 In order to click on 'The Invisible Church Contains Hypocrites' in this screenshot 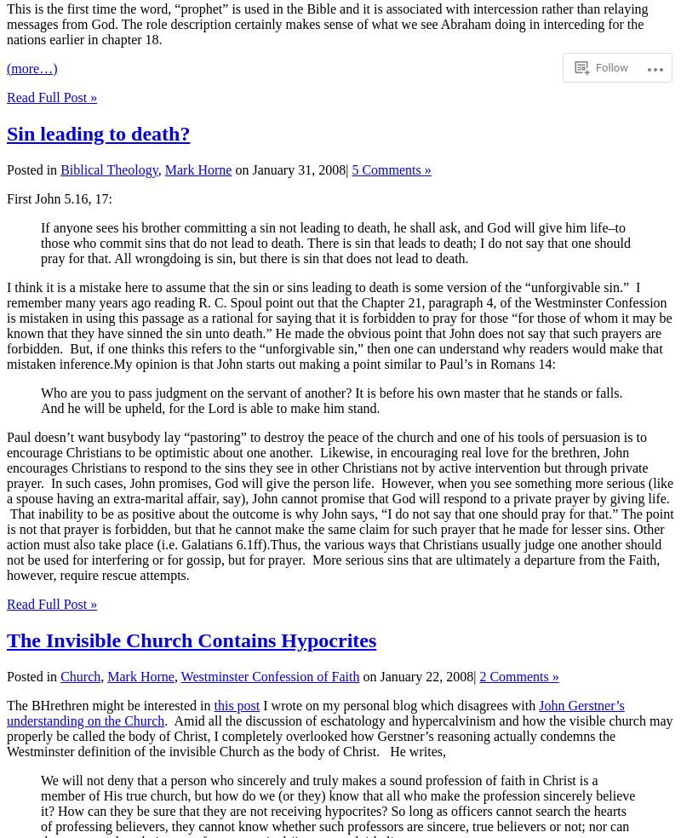, I will do `click(191, 638)`.